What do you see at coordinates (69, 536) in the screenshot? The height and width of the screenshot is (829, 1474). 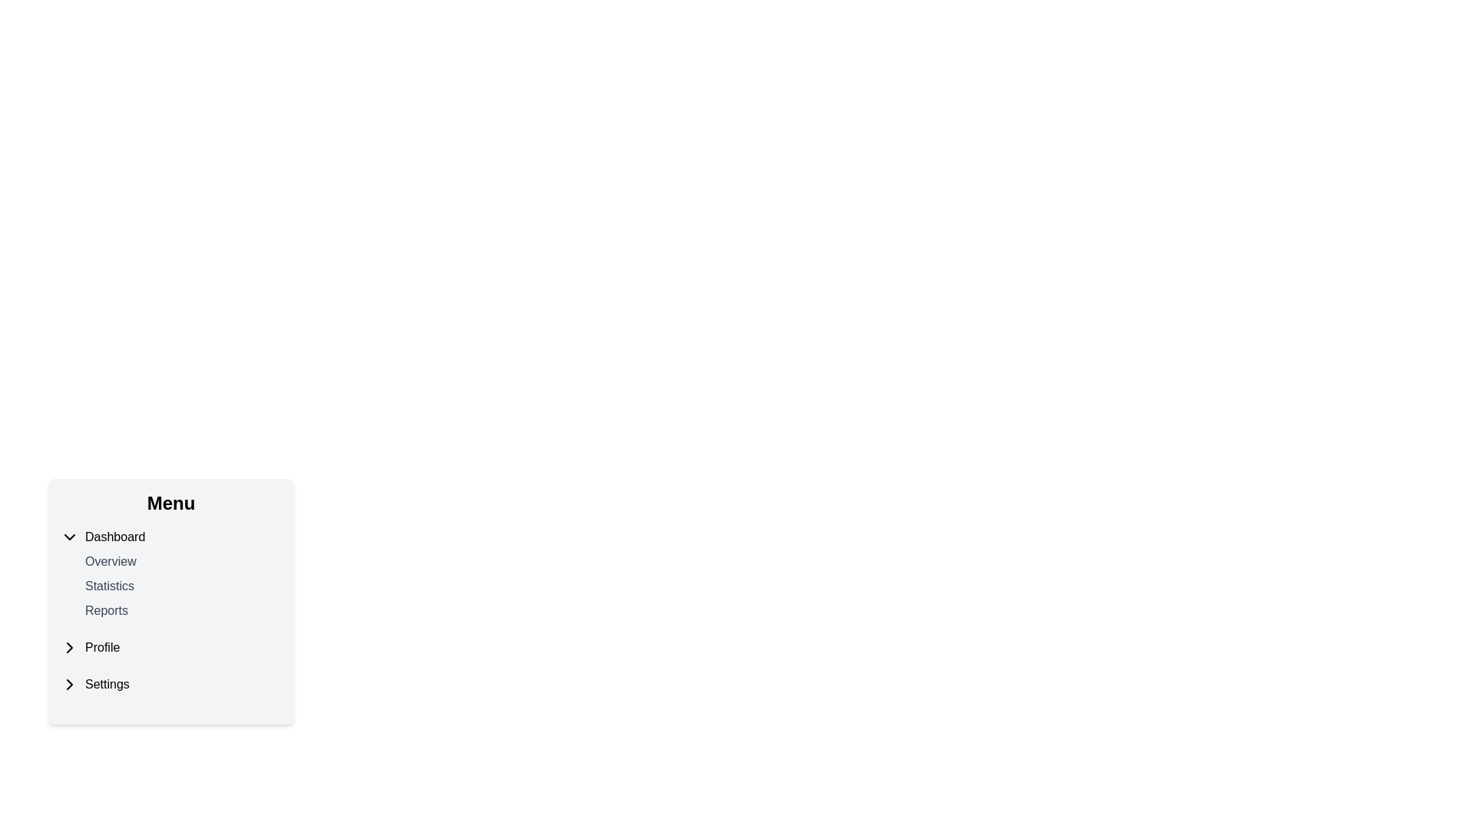 I see `the downward chevron-shaped icon located to the left of the 'Dashboard' text in the vertical menu` at bounding box center [69, 536].